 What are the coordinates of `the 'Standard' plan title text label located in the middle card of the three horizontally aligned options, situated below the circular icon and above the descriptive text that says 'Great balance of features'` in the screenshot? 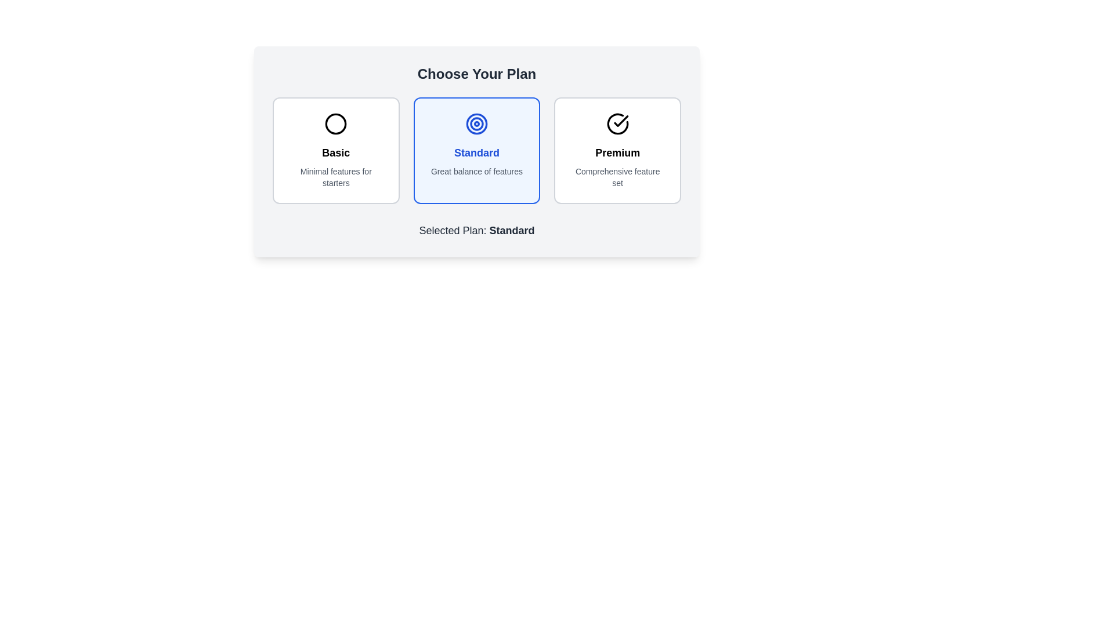 It's located at (476, 152).